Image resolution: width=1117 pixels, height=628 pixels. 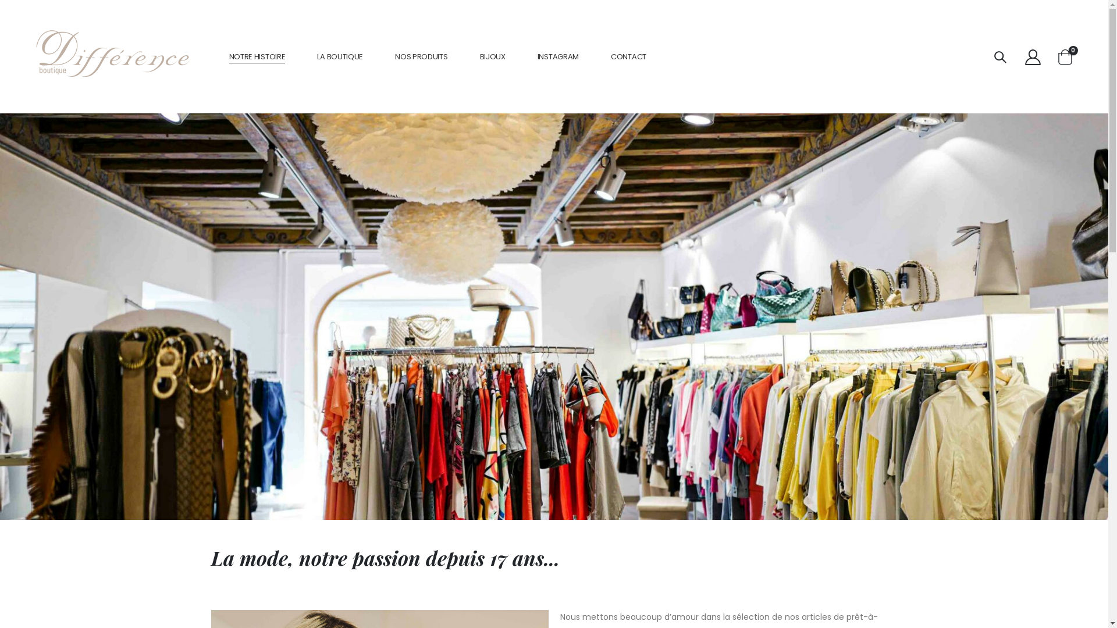 I want to click on 'BIJOUX', so click(x=492, y=56).